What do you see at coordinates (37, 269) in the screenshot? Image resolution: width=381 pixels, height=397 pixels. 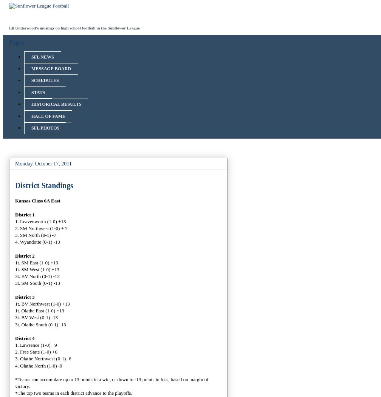 I see `'1t. SM West (1-0) +13'` at bounding box center [37, 269].